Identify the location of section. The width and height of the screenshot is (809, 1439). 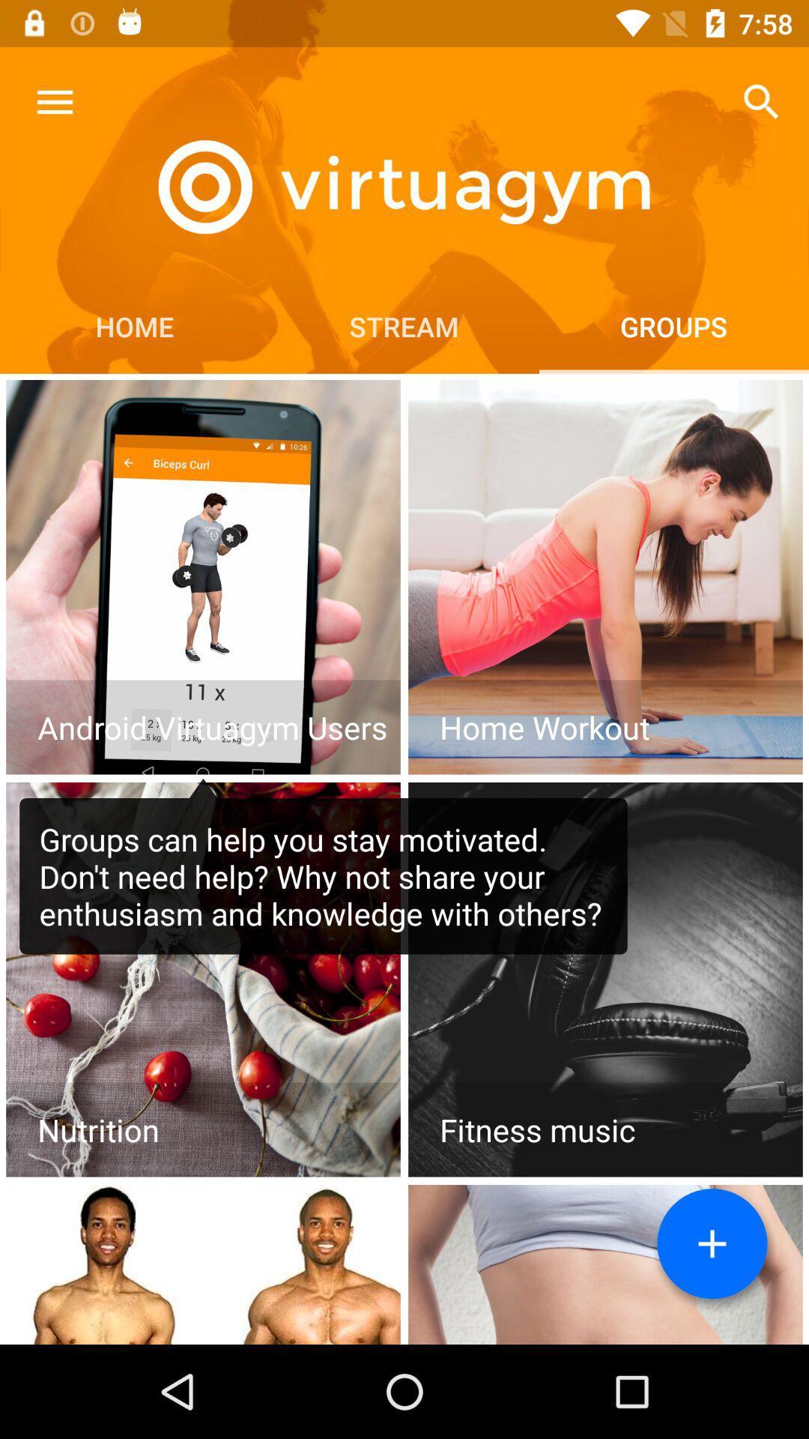
(605, 576).